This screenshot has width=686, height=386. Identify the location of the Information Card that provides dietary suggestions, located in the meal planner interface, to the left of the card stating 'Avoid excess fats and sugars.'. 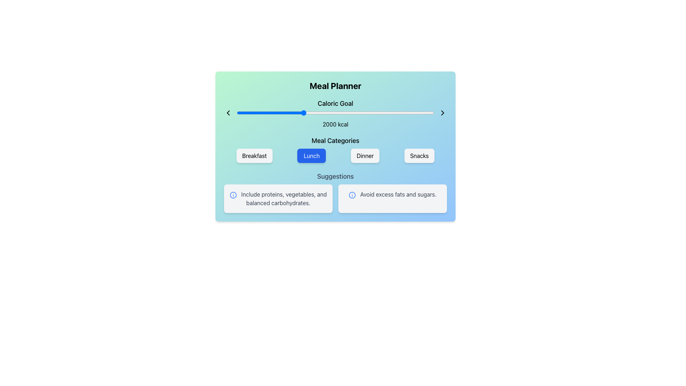
(278, 198).